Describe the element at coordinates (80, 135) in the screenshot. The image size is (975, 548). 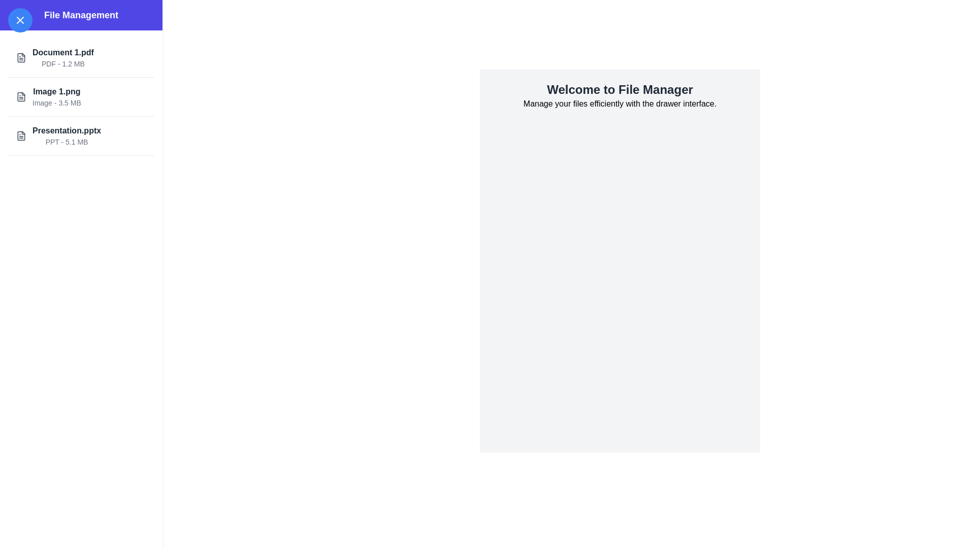
I see `the file list item Presentation.pptx to trigger hover effects` at that location.